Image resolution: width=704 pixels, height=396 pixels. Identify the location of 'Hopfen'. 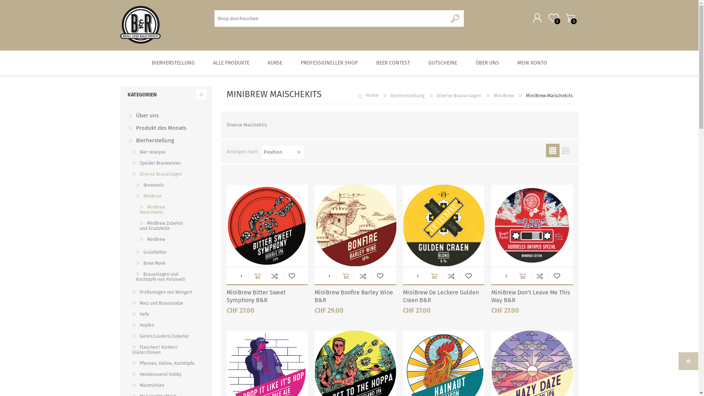
(131, 325).